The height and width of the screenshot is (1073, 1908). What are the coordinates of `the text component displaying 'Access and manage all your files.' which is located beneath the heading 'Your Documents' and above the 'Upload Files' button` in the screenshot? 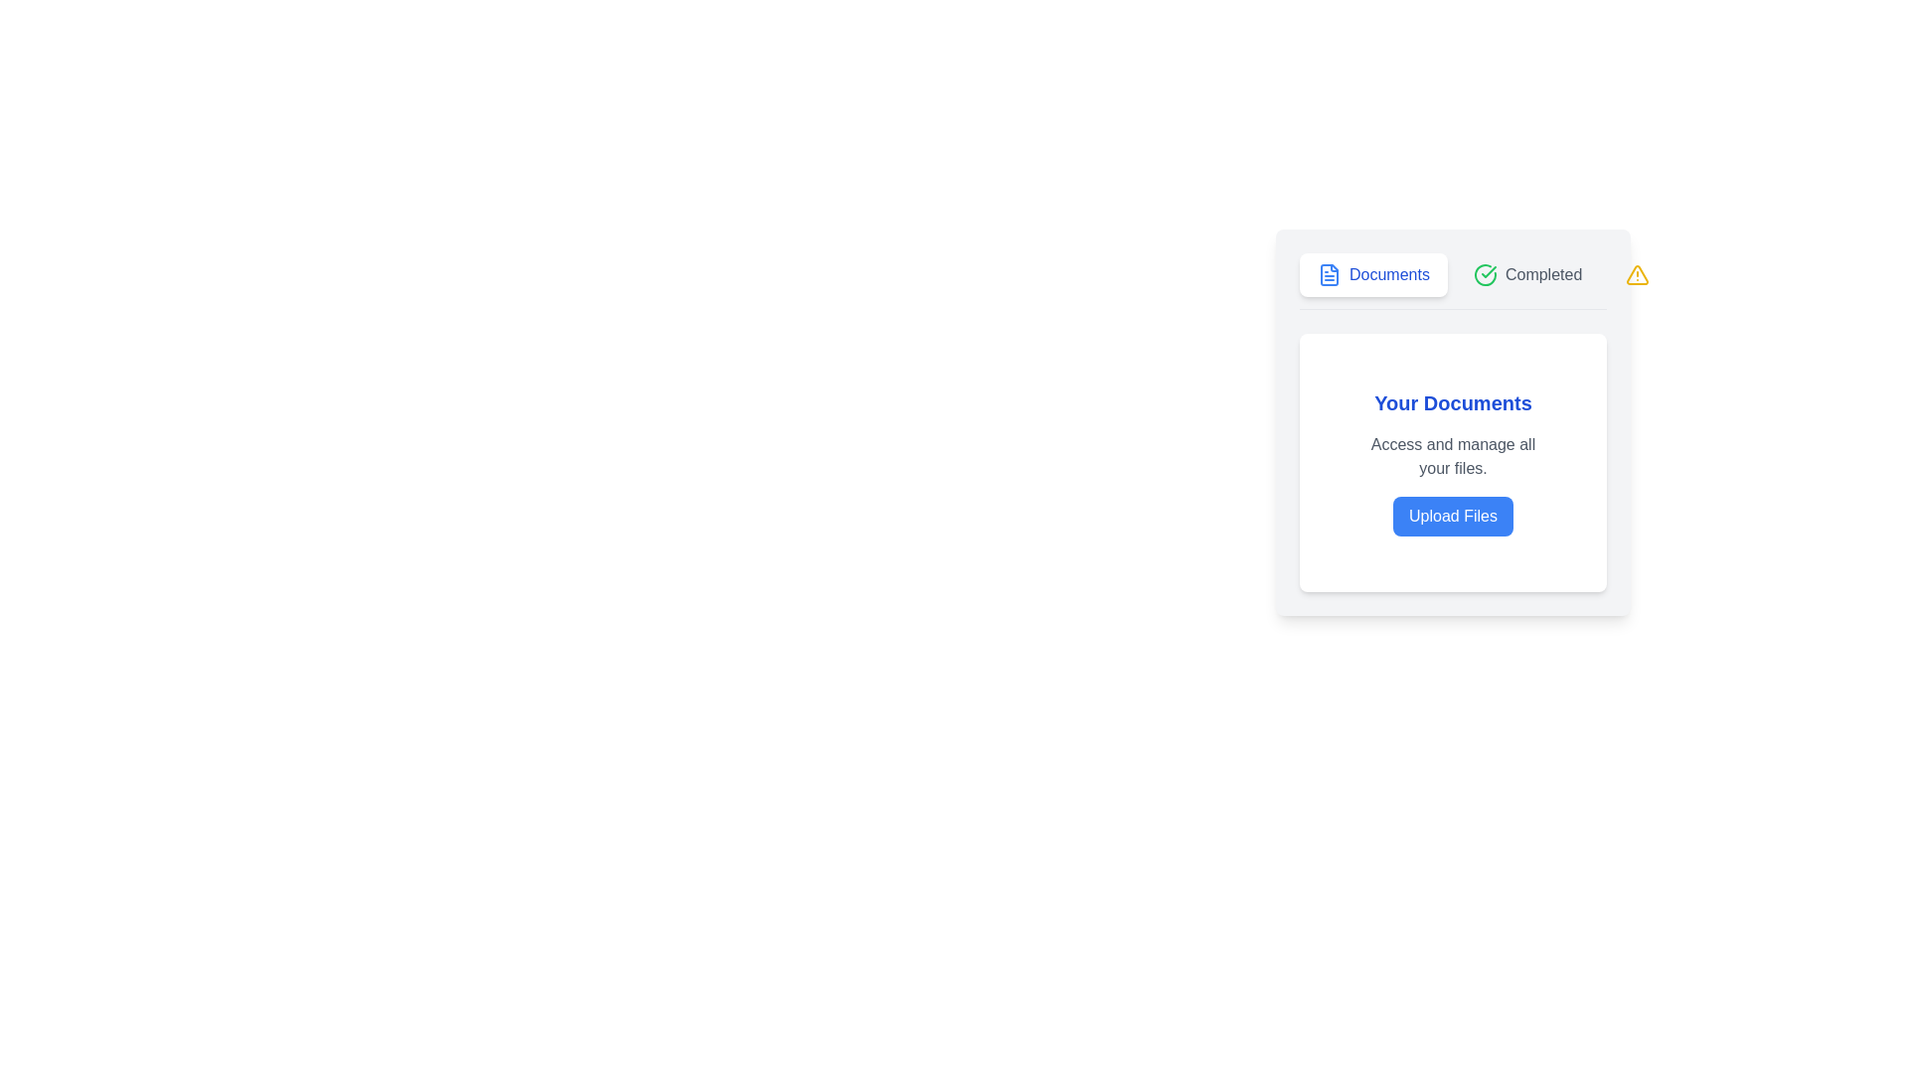 It's located at (1453, 456).